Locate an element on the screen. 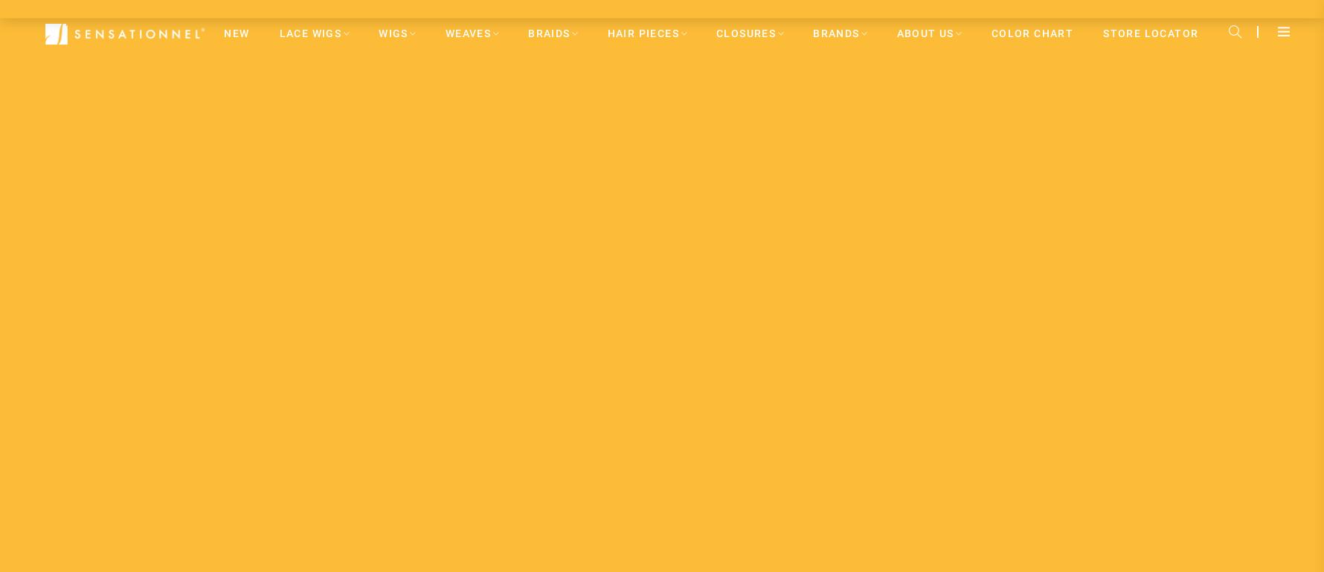  'BRANDS' is located at coordinates (835, 32).